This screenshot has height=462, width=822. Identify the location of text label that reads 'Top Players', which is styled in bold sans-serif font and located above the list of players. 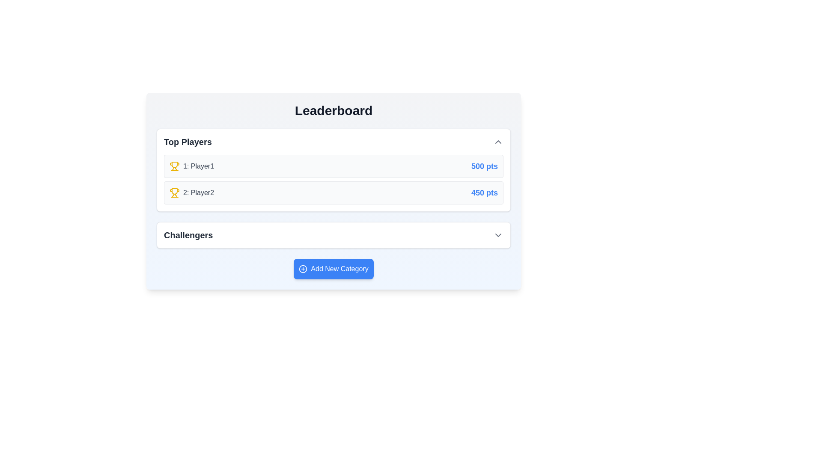
(187, 141).